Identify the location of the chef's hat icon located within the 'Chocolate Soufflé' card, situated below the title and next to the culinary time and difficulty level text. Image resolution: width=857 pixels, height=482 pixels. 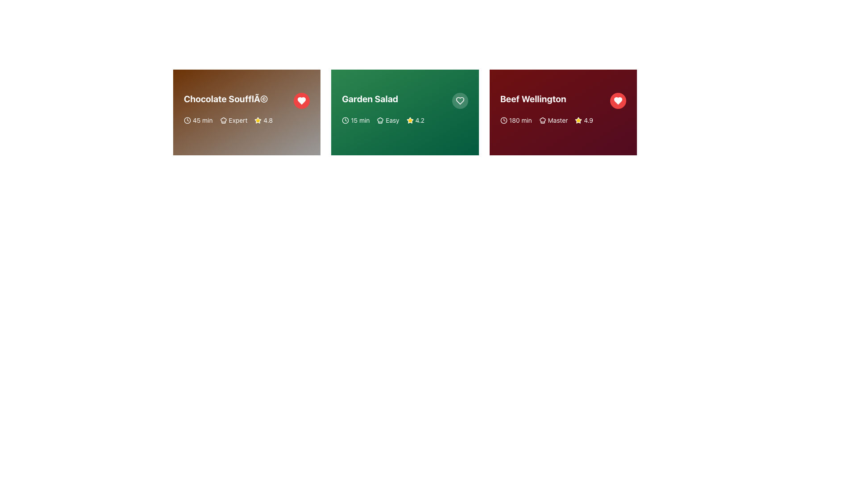
(223, 120).